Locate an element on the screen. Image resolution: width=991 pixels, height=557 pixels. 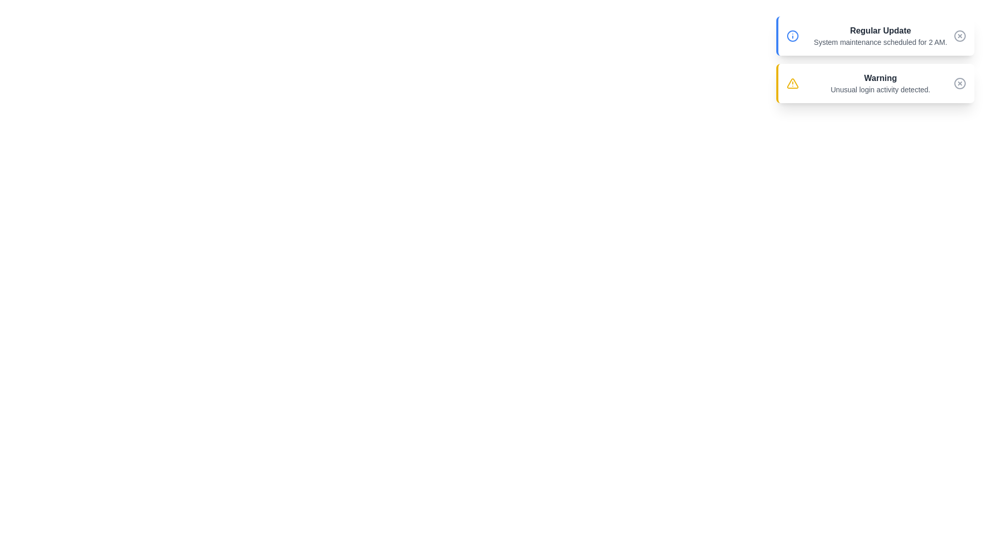
dismiss button for the notification titled Warning is located at coordinates (960, 83).